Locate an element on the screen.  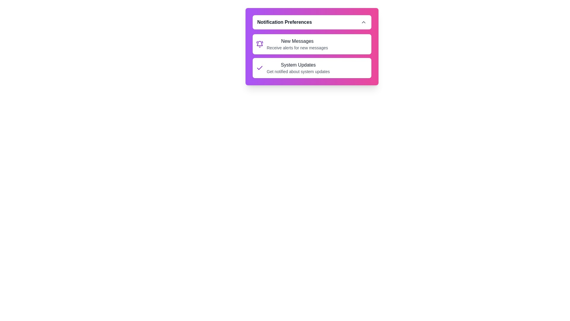
the notification item System Updates to view its hover effect is located at coordinates (311, 67).